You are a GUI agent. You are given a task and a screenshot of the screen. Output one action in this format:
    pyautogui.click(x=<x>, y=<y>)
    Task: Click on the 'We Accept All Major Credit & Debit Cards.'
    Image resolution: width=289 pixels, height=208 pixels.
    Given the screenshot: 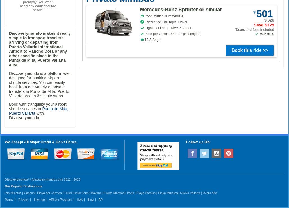 What is the action you would take?
    pyautogui.click(x=41, y=142)
    